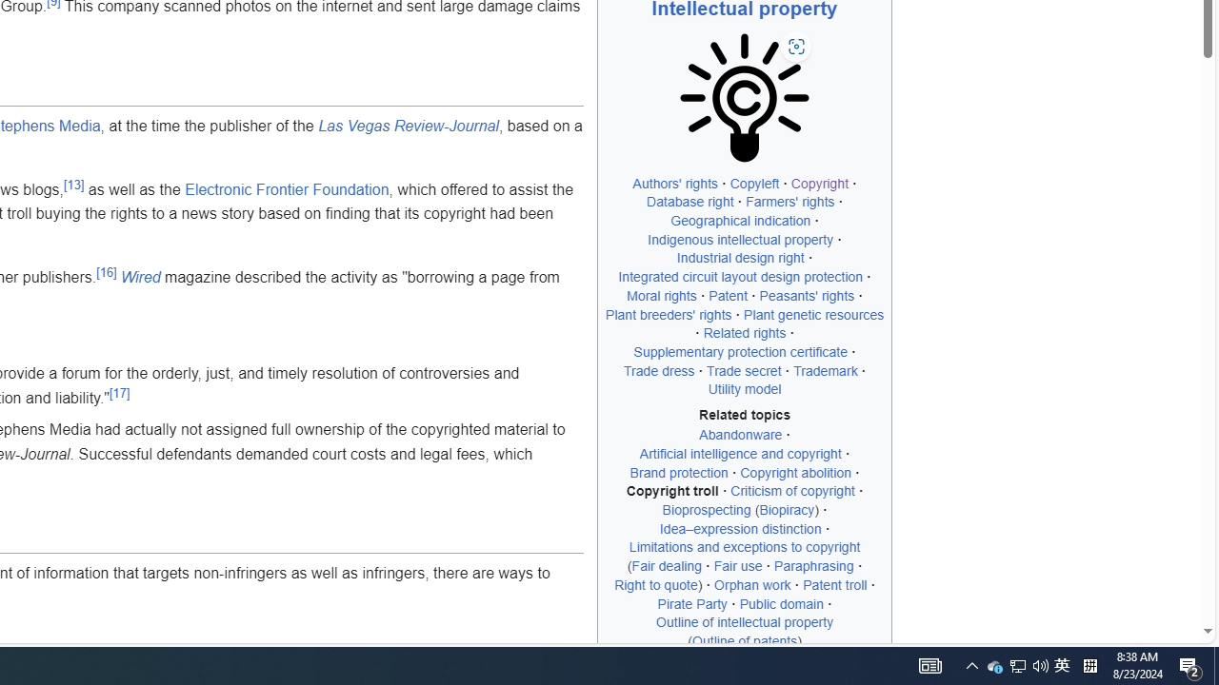  I want to click on 'Right to quote)', so click(658, 583).